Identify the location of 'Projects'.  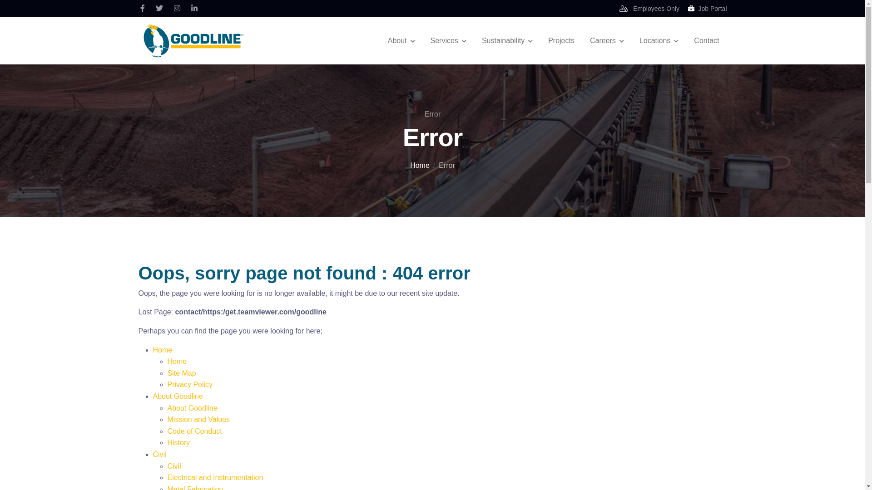
(543, 40).